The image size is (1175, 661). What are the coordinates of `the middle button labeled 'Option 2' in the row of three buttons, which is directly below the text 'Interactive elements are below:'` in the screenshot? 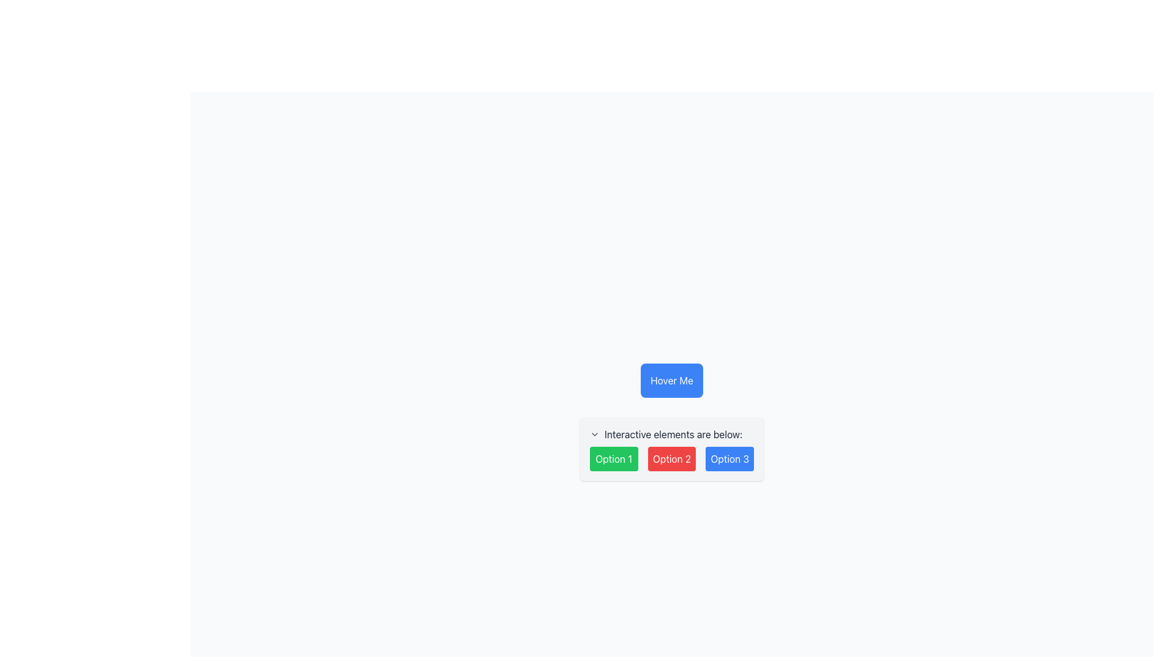 It's located at (671, 458).